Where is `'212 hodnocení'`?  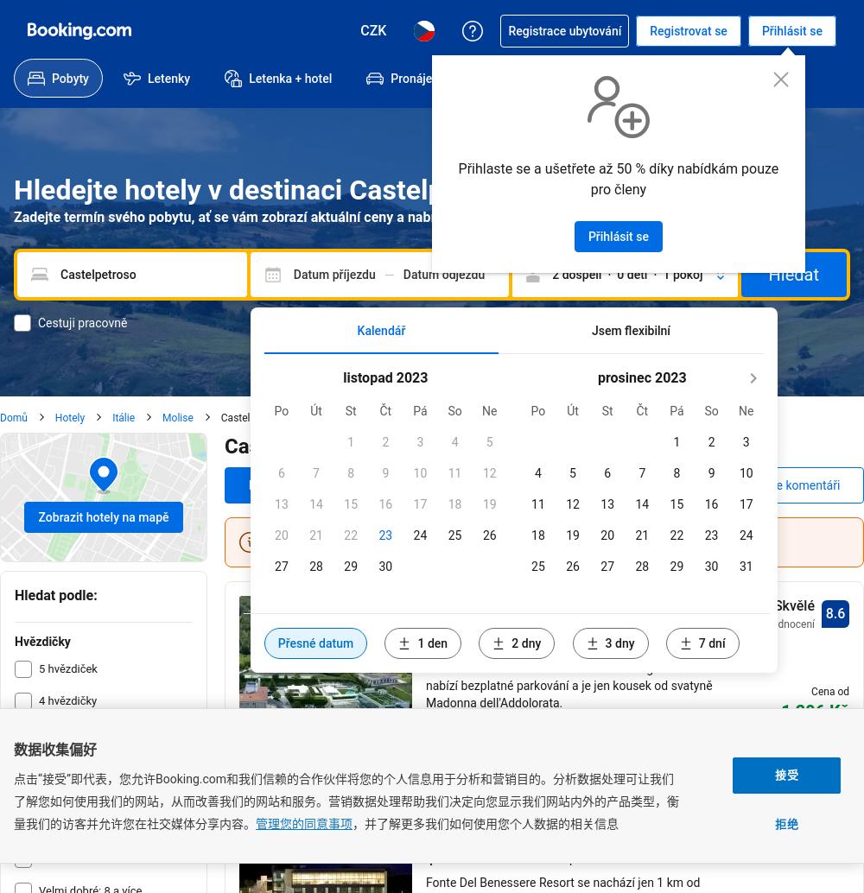 '212 hodnocení' is located at coordinates (780, 624).